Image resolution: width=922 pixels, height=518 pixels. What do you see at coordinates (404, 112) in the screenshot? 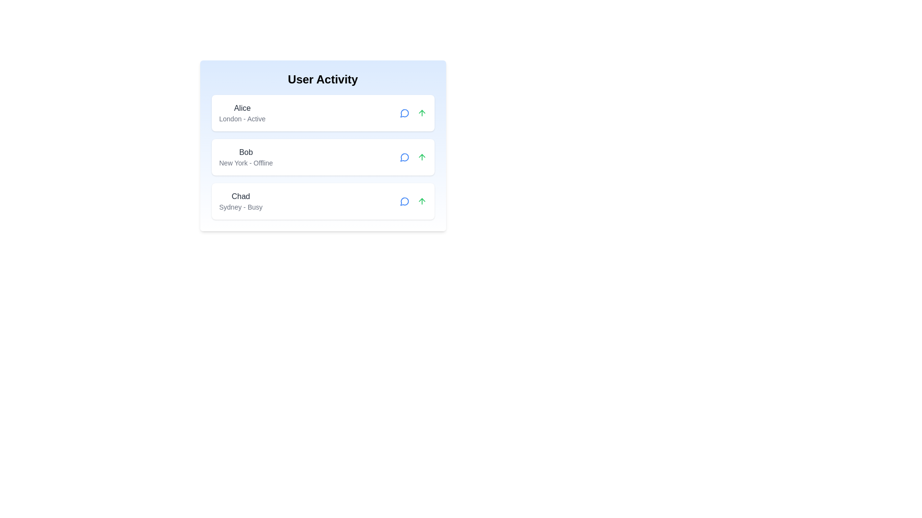
I see `message button corresponding to the user Alice` at bounding box center [404, 112].